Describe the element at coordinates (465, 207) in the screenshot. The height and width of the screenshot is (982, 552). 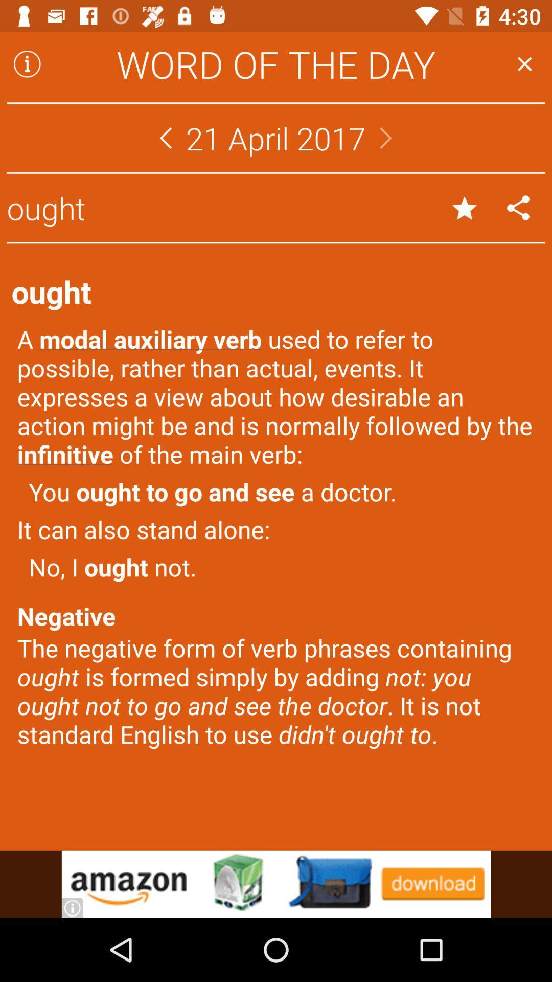
I see `to favorite` at that location.